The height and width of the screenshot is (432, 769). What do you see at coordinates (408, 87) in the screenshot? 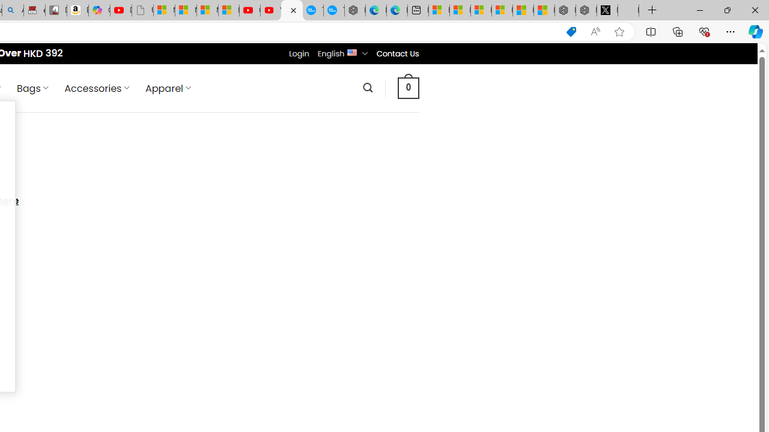
I see `'  0  '` at bounding box center [408, 87].